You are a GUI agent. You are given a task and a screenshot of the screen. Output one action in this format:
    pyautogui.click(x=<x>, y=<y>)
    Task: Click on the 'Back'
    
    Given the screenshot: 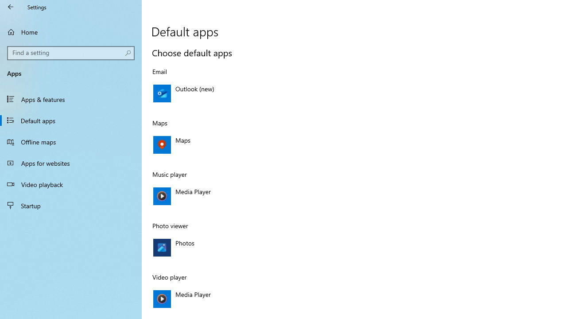 What is the action you would take?
    pyautogui.click(x=11, y=7)
    